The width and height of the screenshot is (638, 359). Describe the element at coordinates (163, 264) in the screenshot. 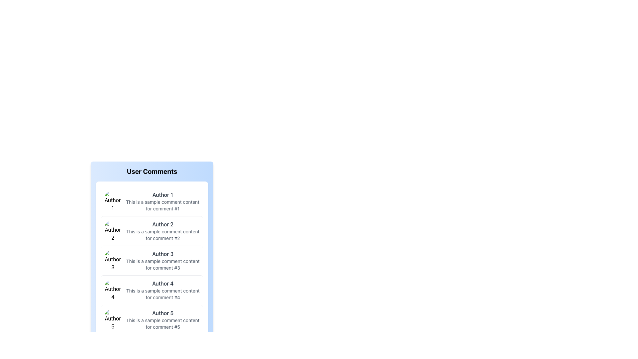

I see `the text label displaying the comment associated with 'Author 3', located under the author's name in the third comment slot` at that location.